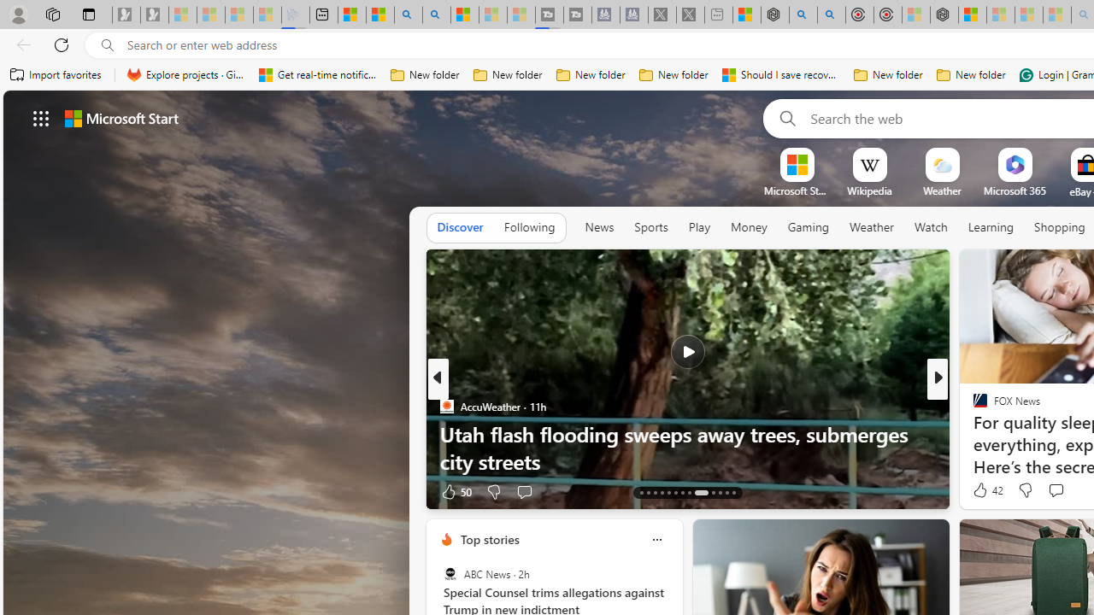 The image size is (1094, 615). Describe the element at coordinates (1055, 490) in the screenshot. I see `'Start the conversation'` at that location.